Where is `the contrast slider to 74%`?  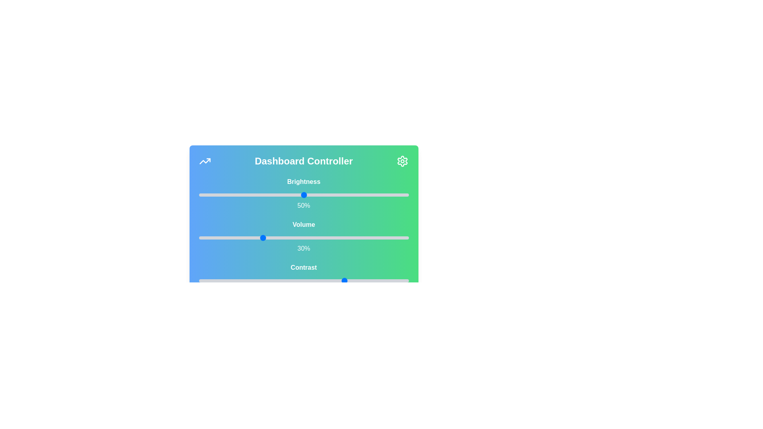
the contrast slider to 74% is located at coordinates (354, 280).